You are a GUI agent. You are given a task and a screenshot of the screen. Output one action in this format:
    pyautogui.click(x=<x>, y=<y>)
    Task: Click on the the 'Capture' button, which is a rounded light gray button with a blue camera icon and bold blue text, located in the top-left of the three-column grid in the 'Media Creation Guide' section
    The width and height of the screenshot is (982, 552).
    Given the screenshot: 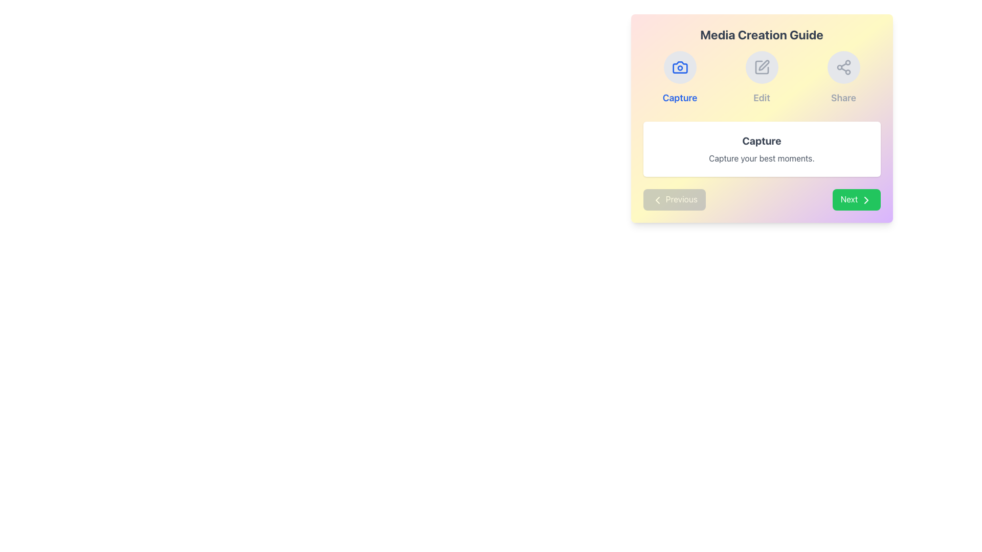 What is the action you would take?
    pyautogui.click(x=680, y=78)
    